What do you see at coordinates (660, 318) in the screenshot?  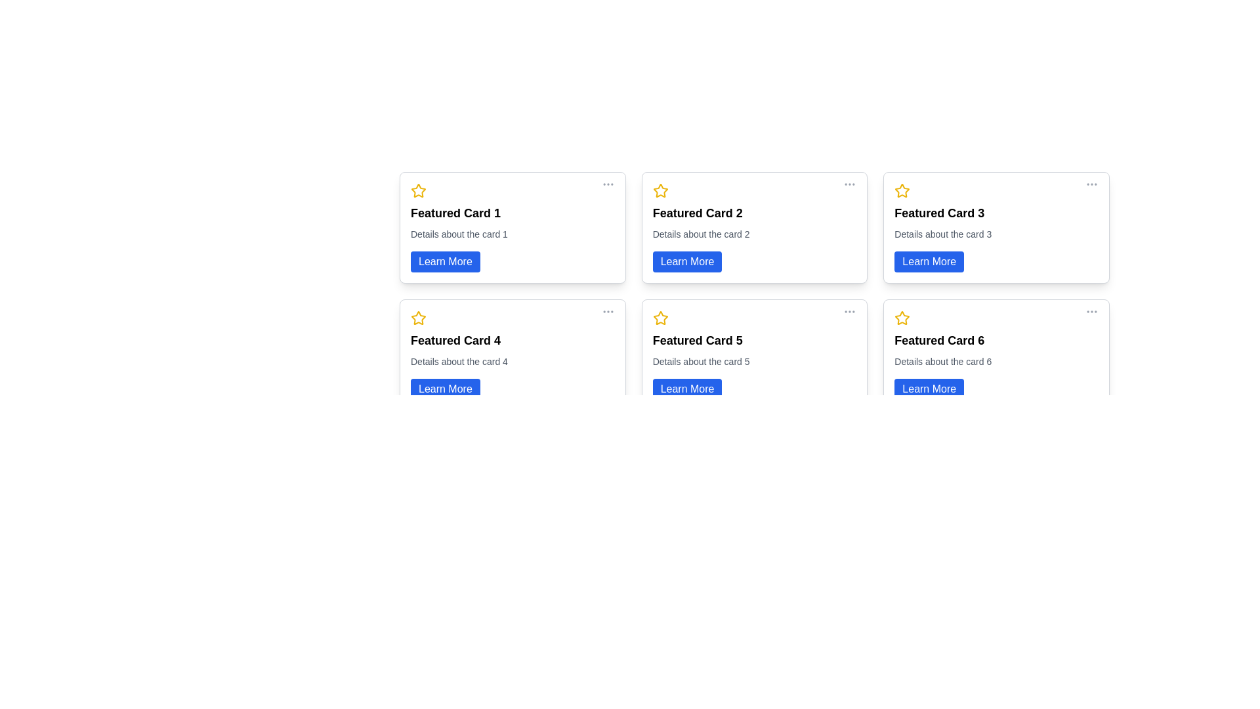 I see `the favorited icon located in the top-left corner of the 'Featured Card 5' to toggle its starred status` at bounding box center [660, 318].